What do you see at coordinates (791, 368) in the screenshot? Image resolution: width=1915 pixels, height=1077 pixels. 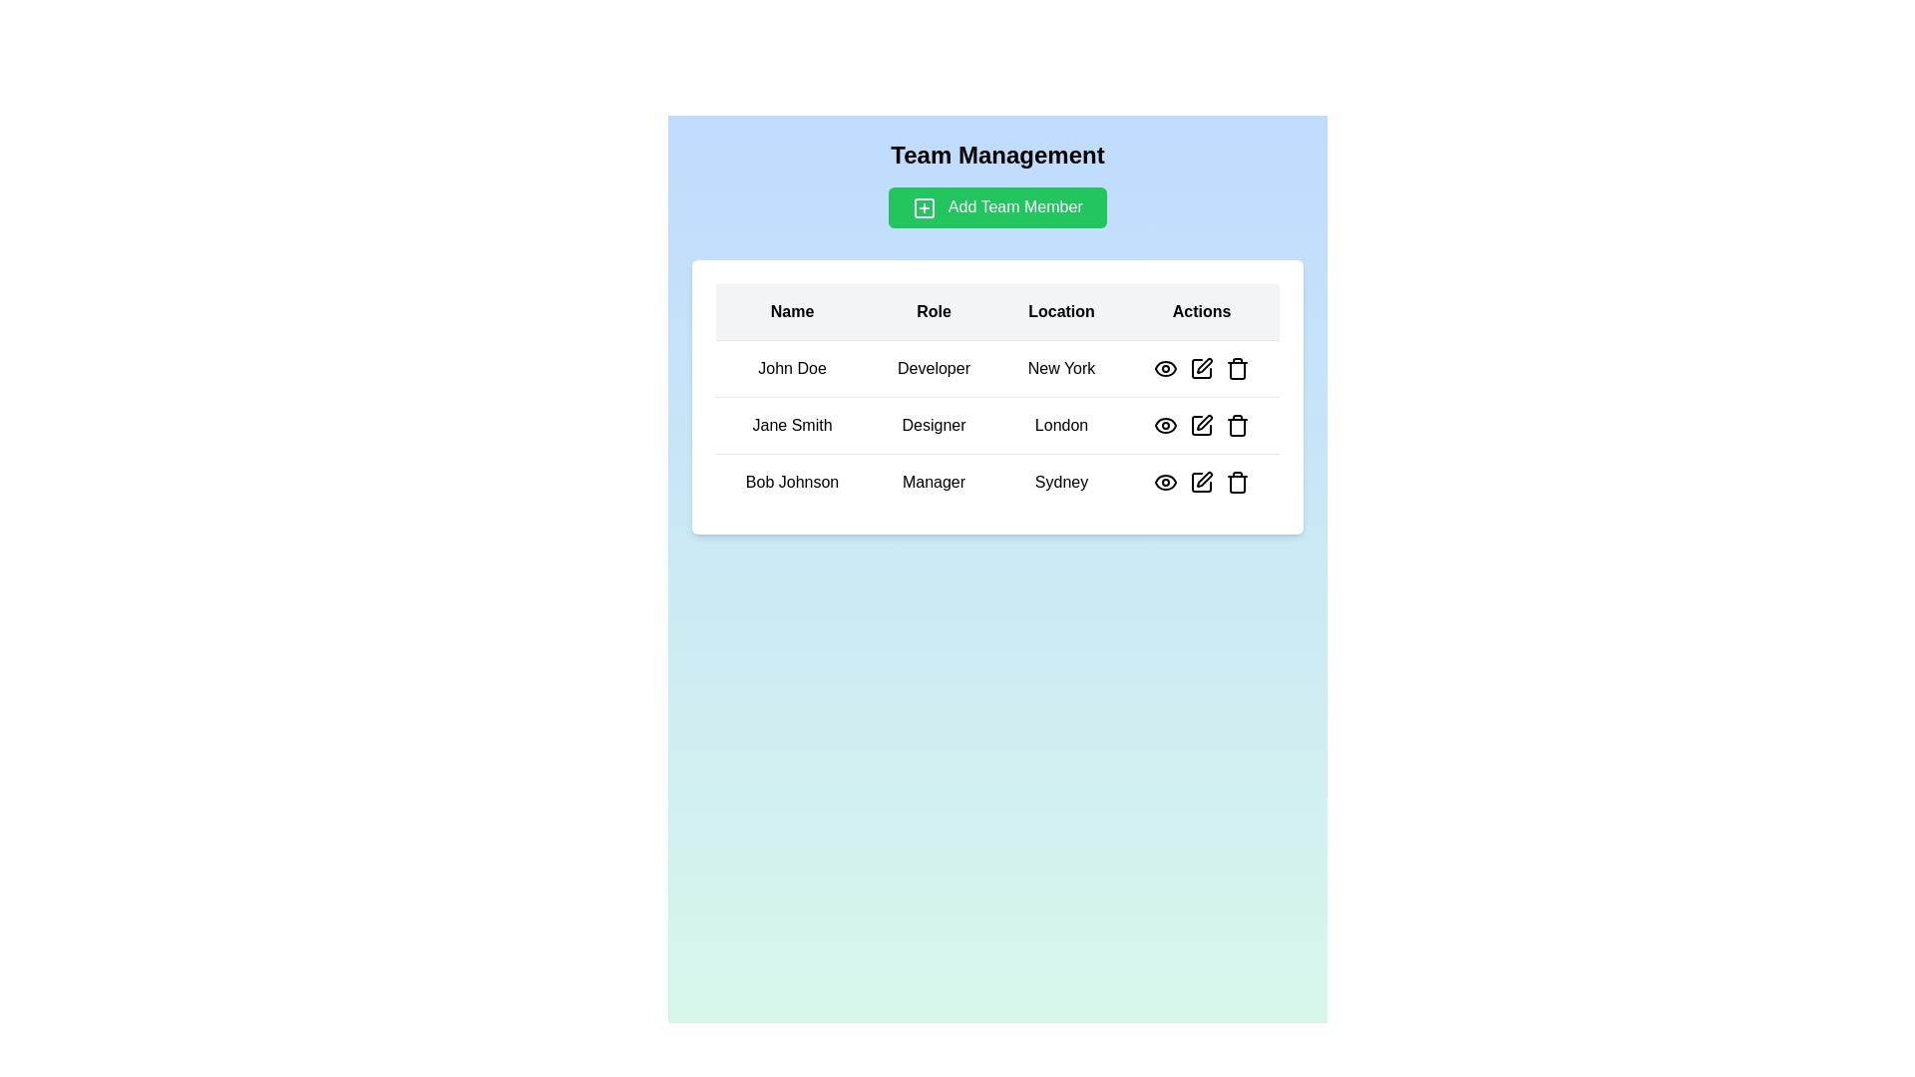 I see `the text label that identifies the name of a team member in the first column of the first row of the table under the 'Name' header` at bounding box center [791, 368].